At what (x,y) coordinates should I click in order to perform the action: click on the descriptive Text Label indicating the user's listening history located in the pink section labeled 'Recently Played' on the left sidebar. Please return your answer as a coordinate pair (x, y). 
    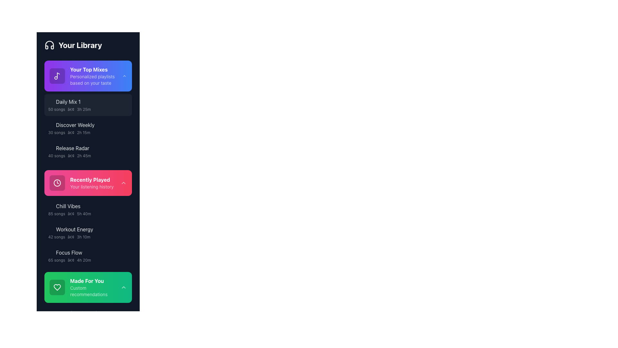
    Looking at the image, I should click on (91, 187).